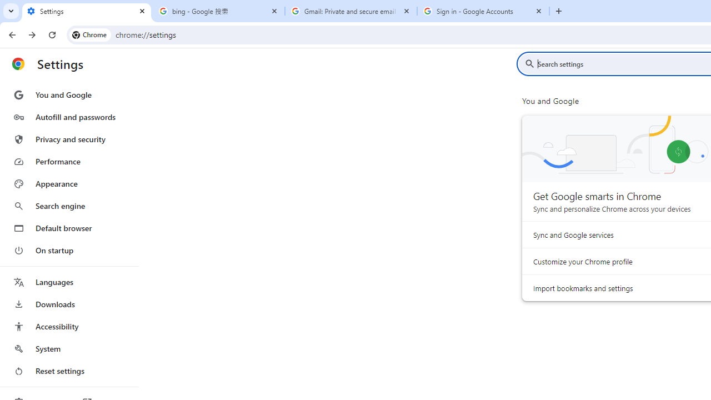  I want to click on 'Performance', so click(68, 161).